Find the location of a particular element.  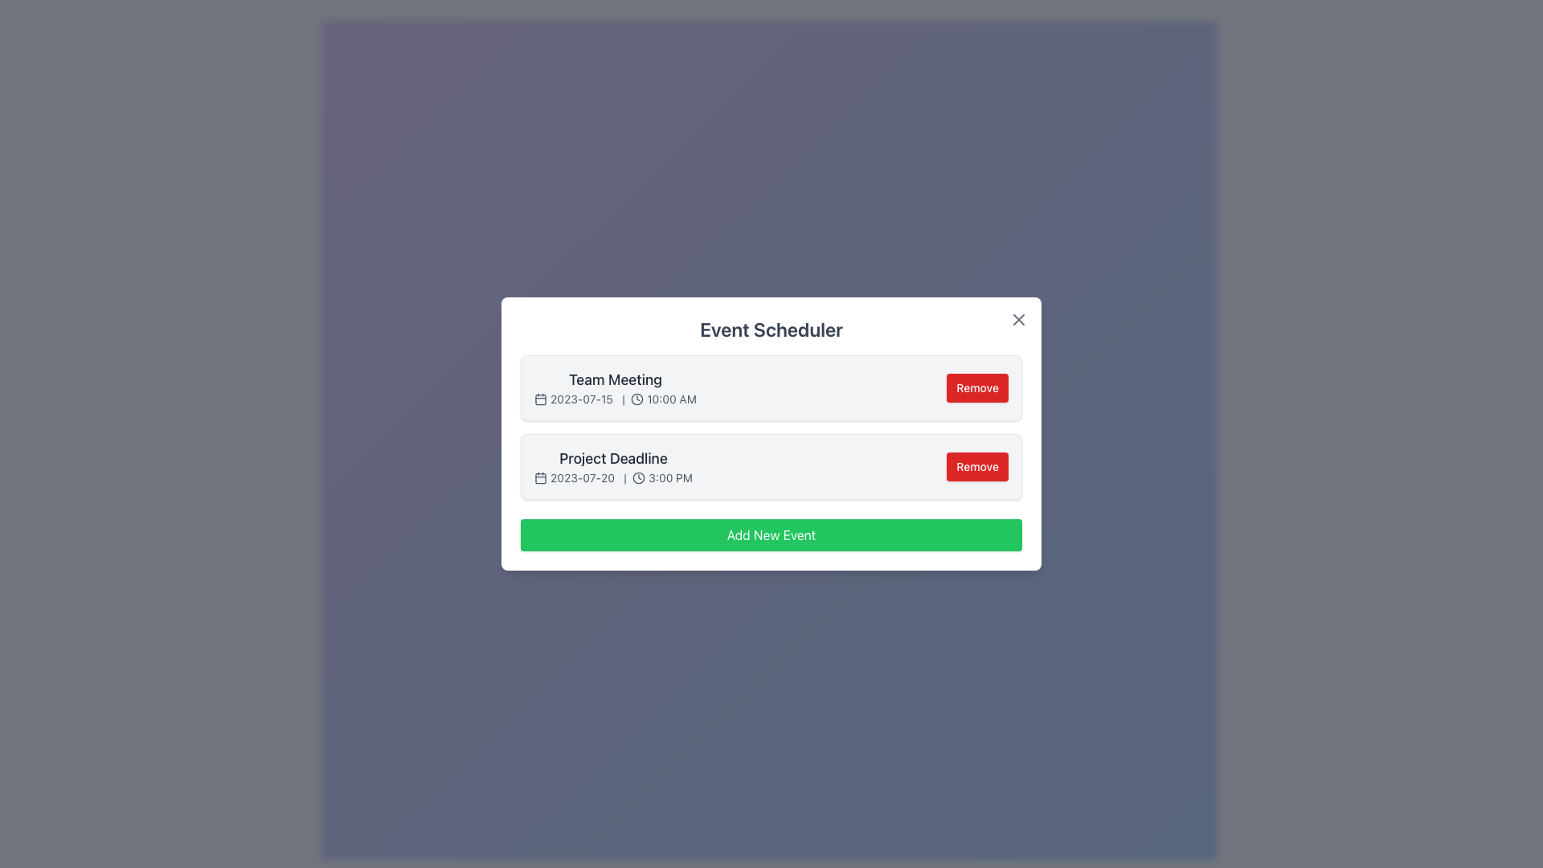

the 'Remove' button, which has a red background and white text, located under the 'Team Meeting' heading is located at coordinates (976, 387).